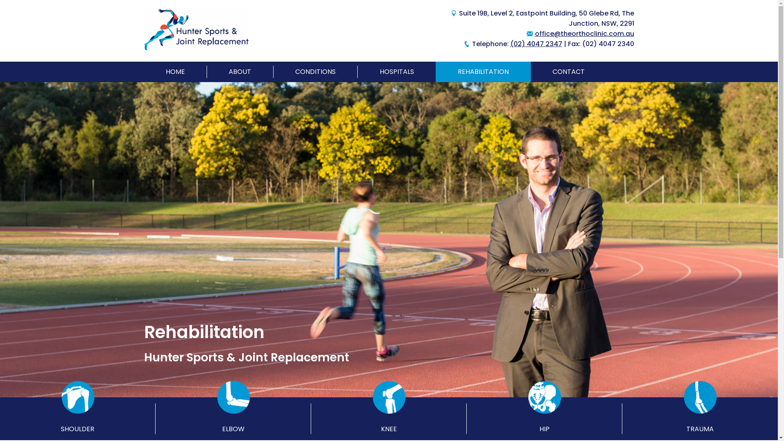 The height and width of the screenshot is (441, 784). I want to click on 'ELBOW', so click(233, 419).